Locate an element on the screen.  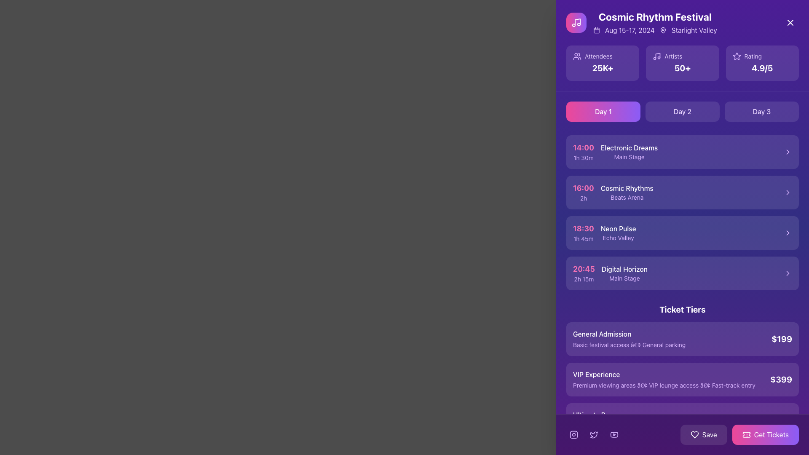
the second icon in the row of three social media icons at the bottom of the interface is located at coordinates (594, 435).